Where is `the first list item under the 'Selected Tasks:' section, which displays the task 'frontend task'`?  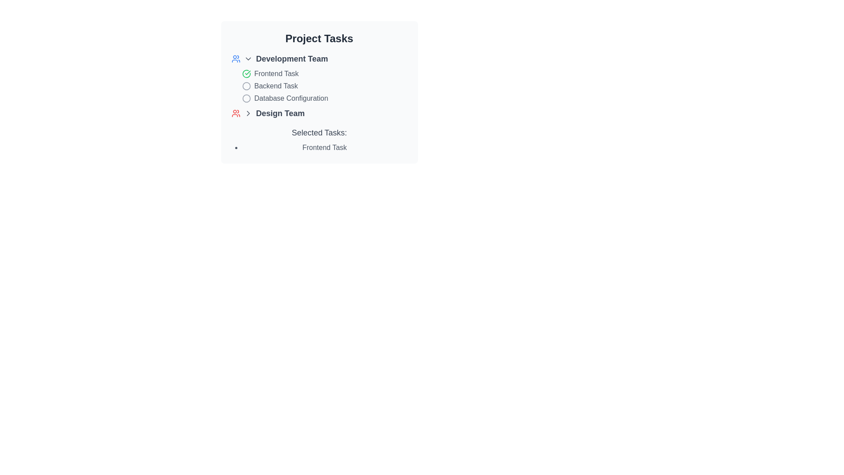 the first list item under the 'Selected Tasks:' section, which displays the task 'frontend task' is located at coordinates (319, 147).